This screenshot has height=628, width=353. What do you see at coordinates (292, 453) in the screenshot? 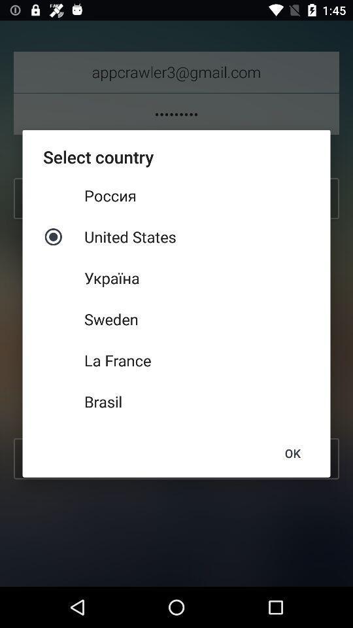
I see `the ok icon` at bounding box center [292, 453].